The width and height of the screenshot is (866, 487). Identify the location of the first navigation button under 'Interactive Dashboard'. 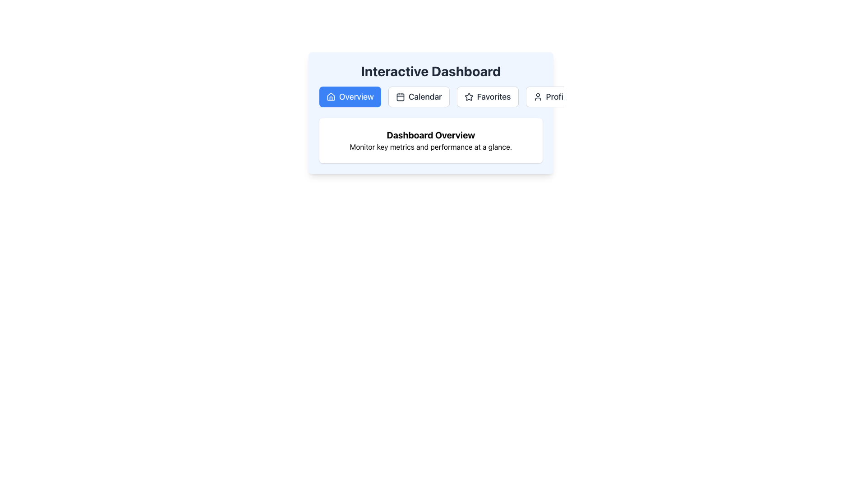
(350, 97).